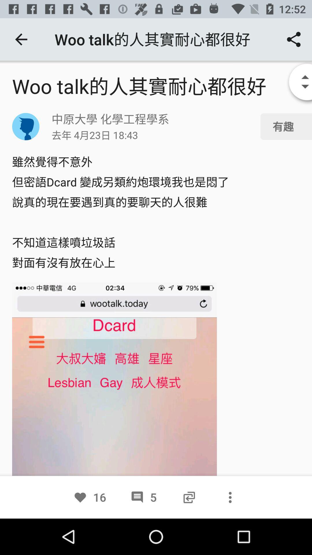 The image size is (312, 555). I want to click on 5 icon, so click(143, 497).